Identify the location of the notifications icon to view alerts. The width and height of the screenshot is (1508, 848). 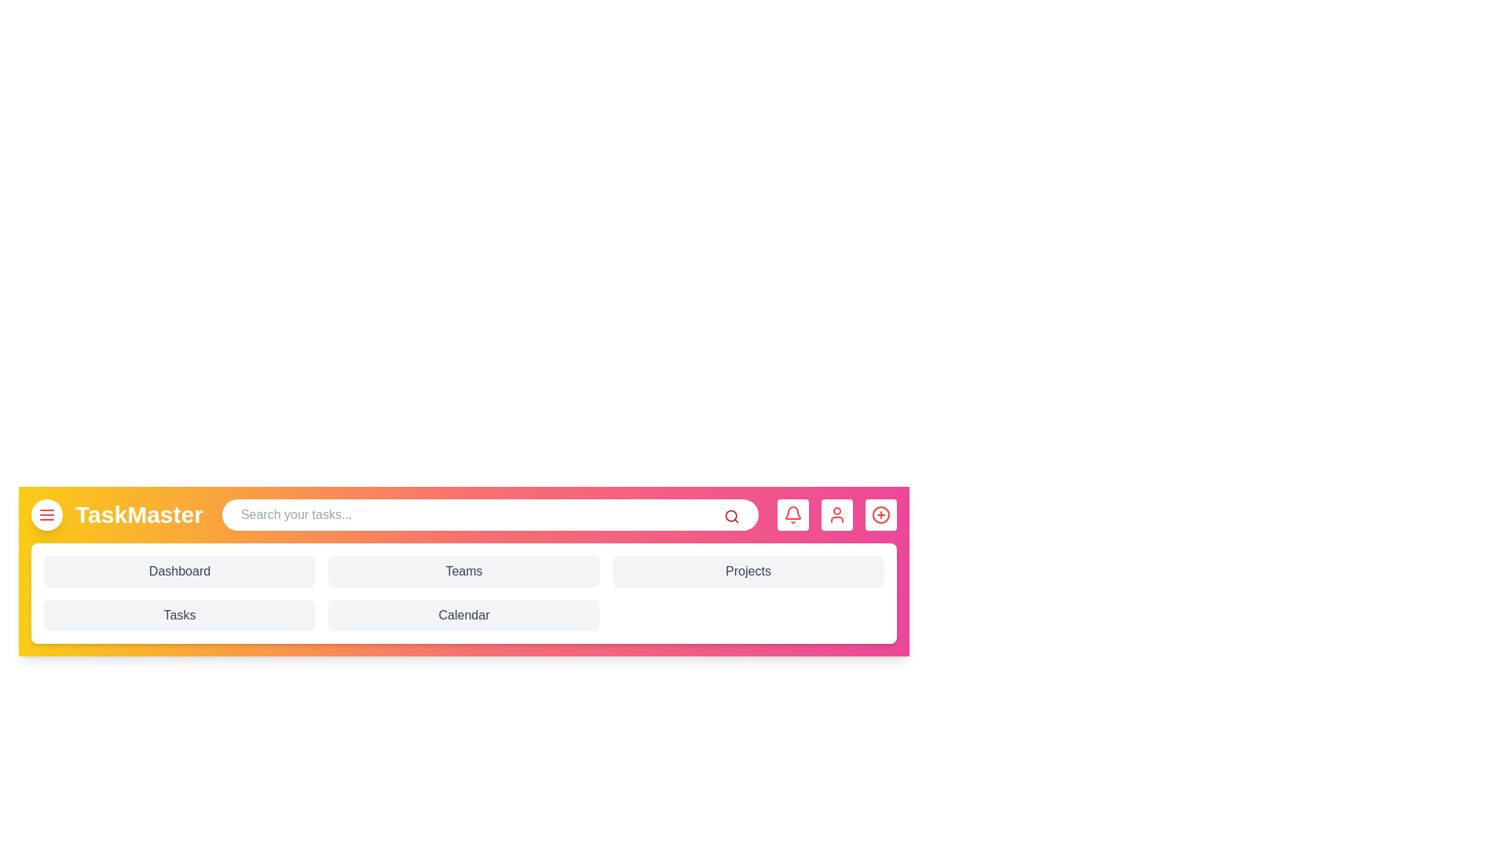
(792, 514).